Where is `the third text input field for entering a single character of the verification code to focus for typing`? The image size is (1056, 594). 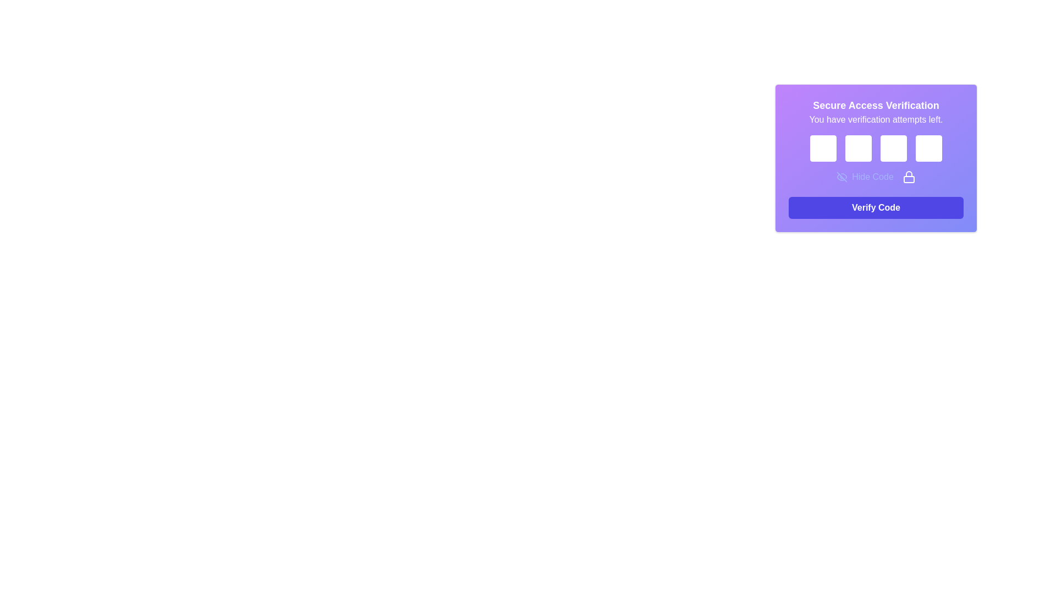
the third text input field for entering a single character of the verification code to focus for typing is located at coordinates (876, 158).